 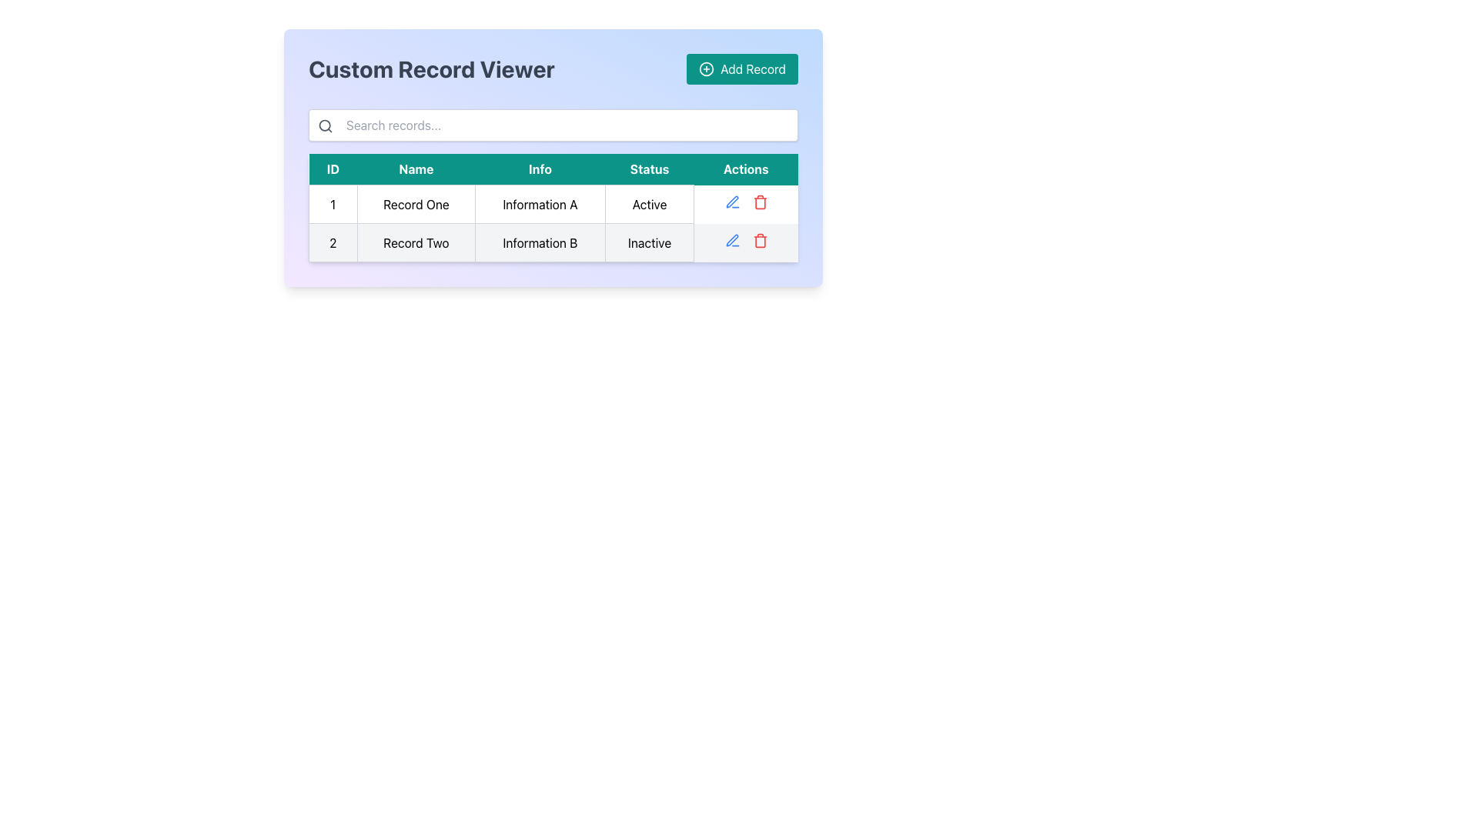 What do you see at coordinates (746, 169) in the screenshot?
I see `the 'Actions' column header label in the data table, which is the fifth header aligned to the rightmost side, indicating the purpose of the column for action buttons or controls` at bounding box center [746, 169].